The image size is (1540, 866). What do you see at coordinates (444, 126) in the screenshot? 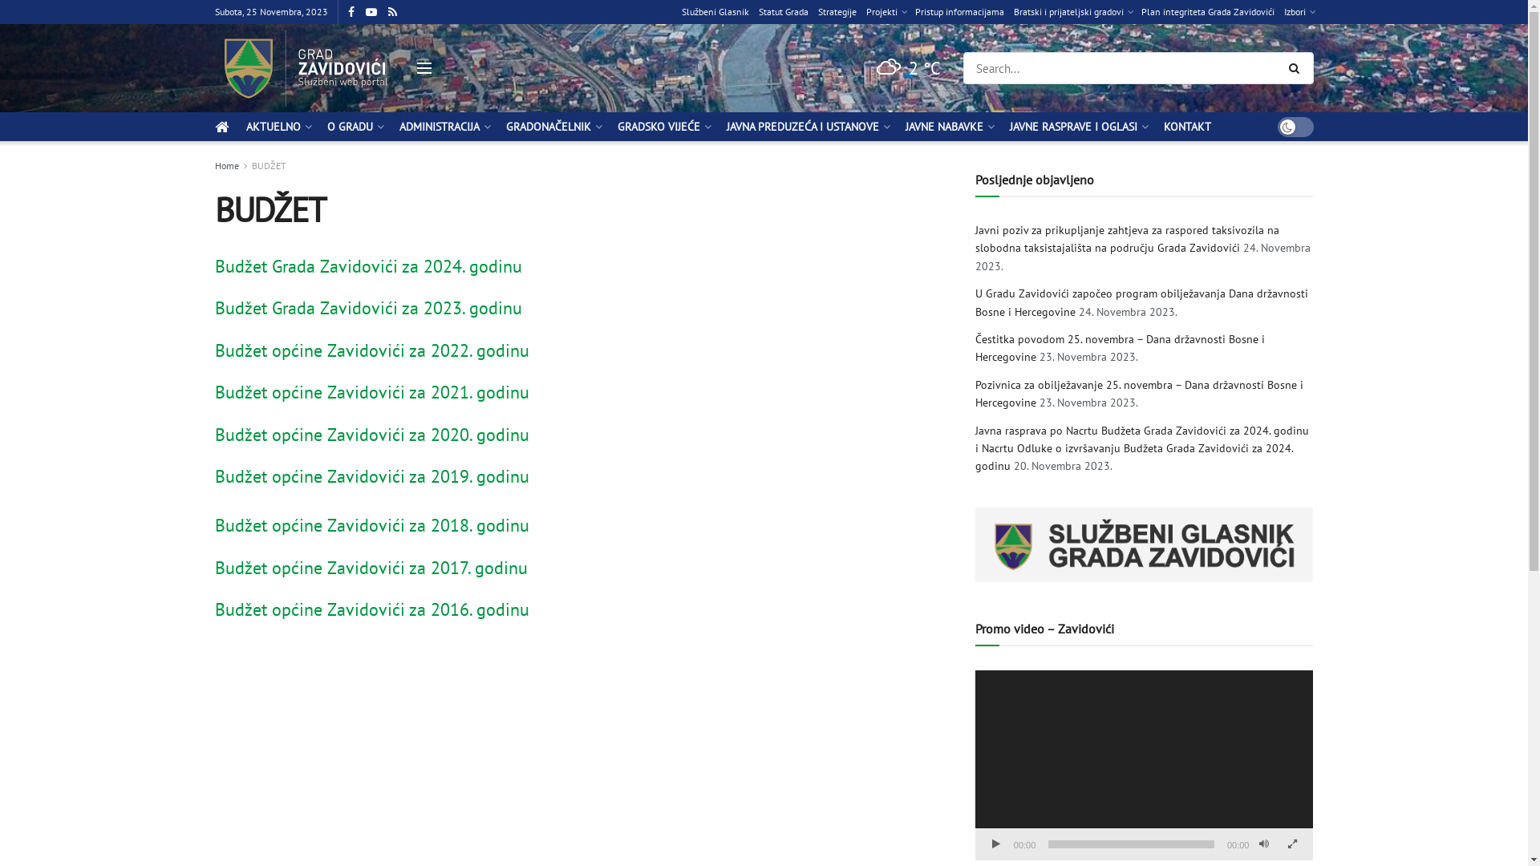
I see `'ADMINISTRACIJA'` at bounding box center [444, 126].